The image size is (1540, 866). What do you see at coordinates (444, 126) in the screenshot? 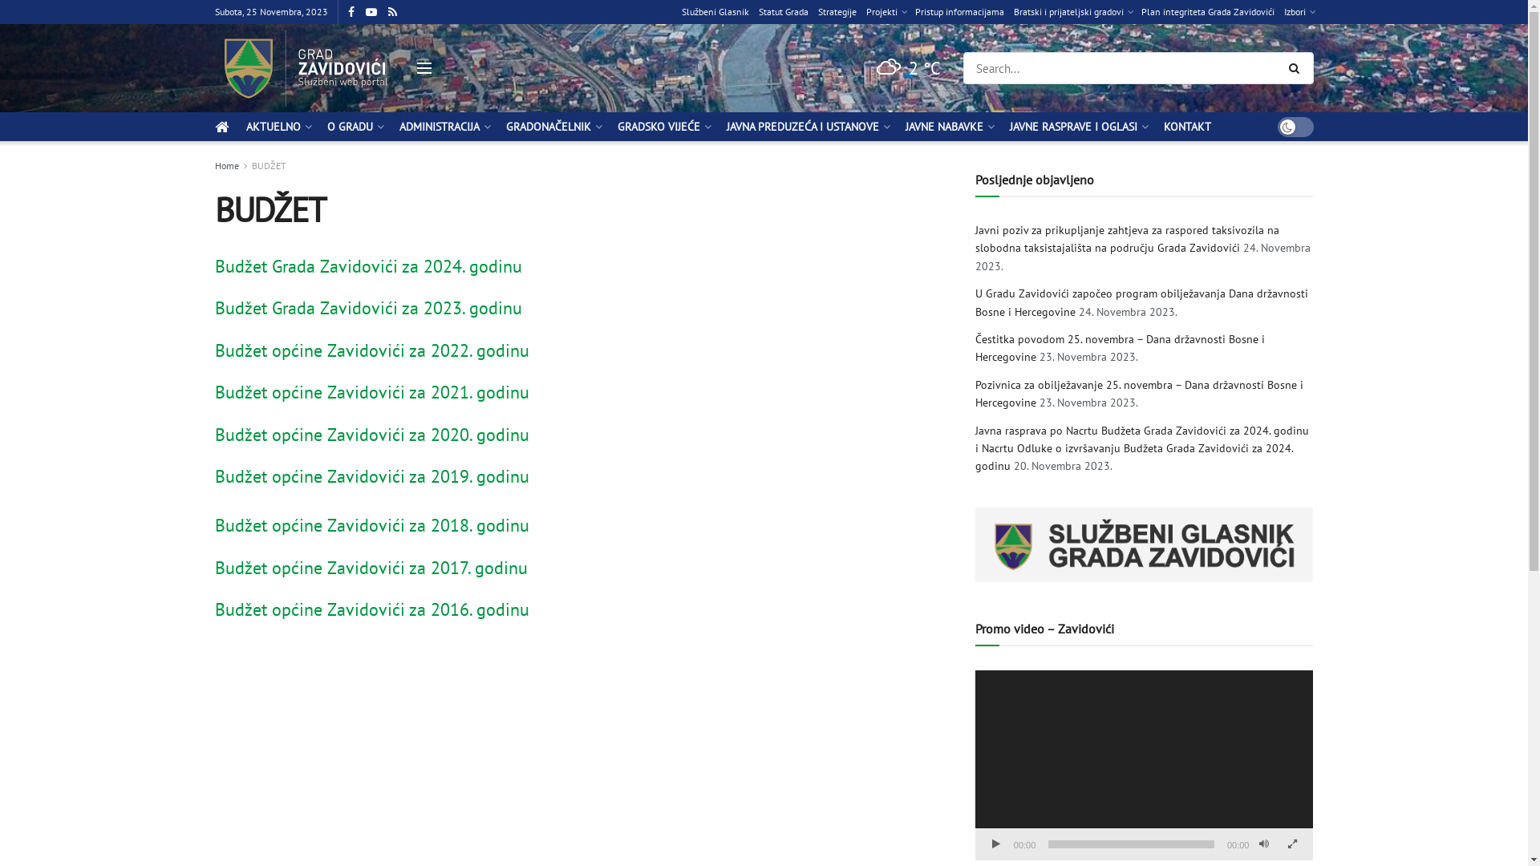
I see `'ADMINISTRACIJA'` at bounding box center [444, 126].